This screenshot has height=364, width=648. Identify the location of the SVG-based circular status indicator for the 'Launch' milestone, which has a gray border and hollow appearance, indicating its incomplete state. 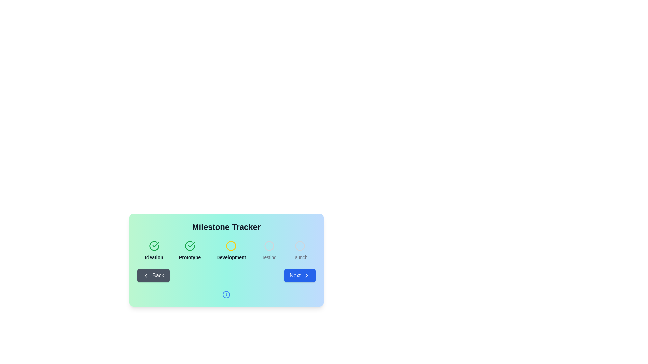
(299, 246).